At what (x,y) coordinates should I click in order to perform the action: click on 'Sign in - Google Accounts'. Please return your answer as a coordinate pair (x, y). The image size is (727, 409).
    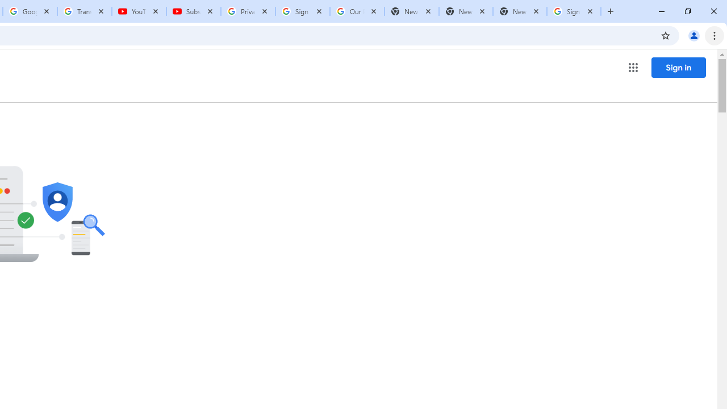
    Looking at the image, I should click on (303, 11).